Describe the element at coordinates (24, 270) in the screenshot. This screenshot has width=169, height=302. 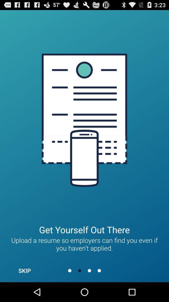
I see `the icon below the upload a resume icon` at that location.